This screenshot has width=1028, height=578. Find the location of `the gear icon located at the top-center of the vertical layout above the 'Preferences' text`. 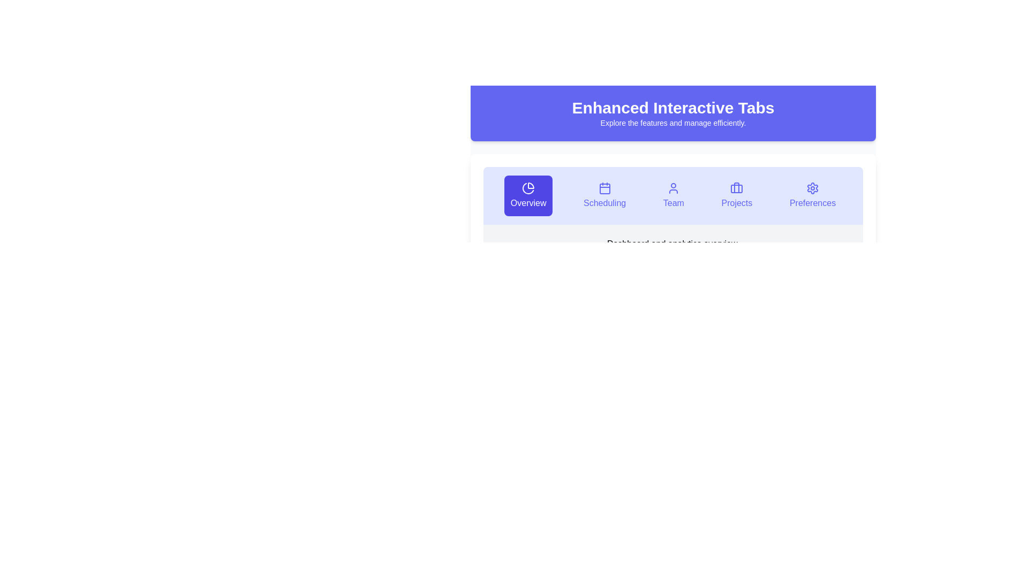

the gear icon located at the top-center of the vertical layout above the 'Preferences' text is located at coordinates (812, 187).